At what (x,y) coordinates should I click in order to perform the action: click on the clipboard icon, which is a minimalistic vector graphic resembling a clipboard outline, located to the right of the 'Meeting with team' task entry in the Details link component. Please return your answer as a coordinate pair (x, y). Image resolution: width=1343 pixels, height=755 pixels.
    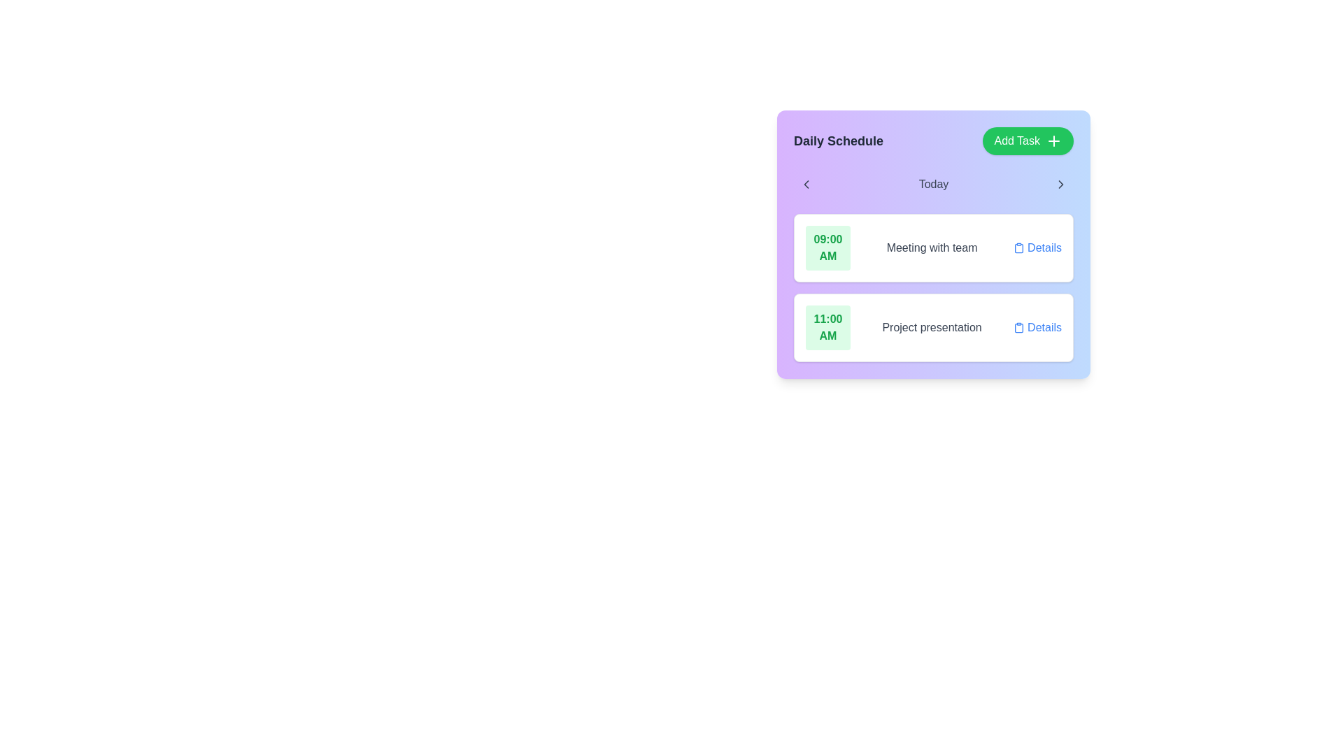
    Looking at the image, I should click on (1019, 247).